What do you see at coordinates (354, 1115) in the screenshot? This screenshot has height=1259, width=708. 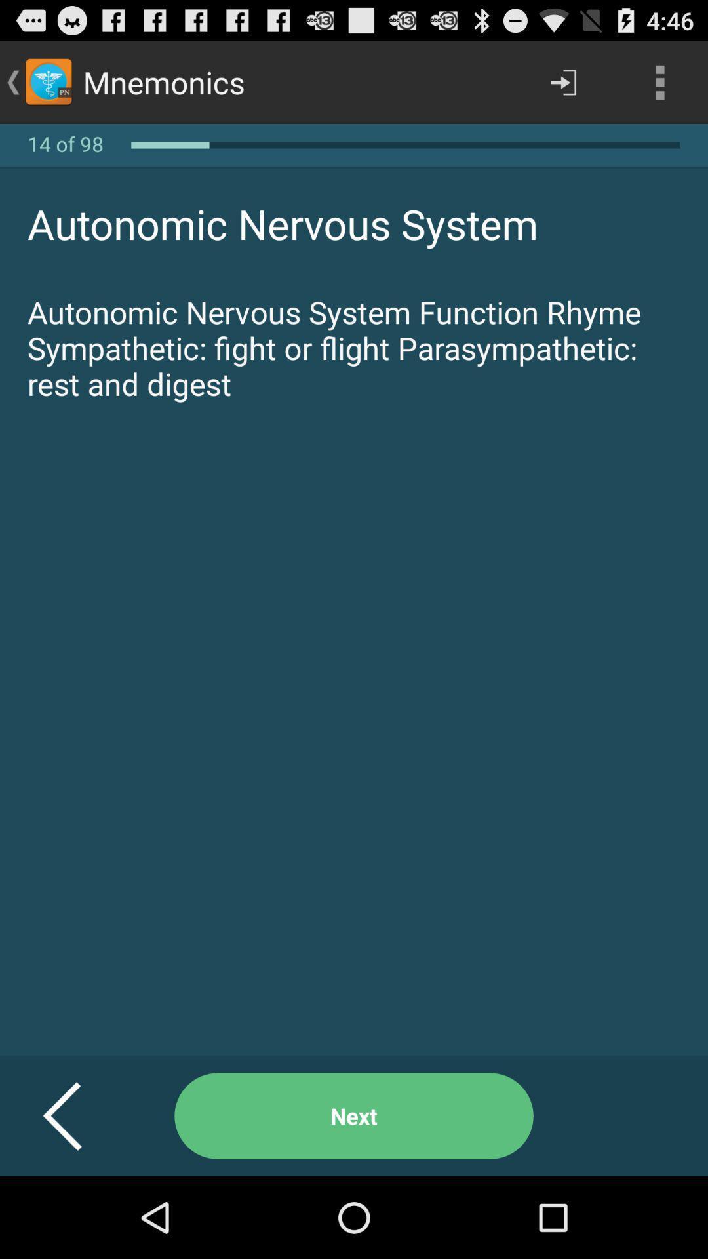 I see `item below the autonomic nervous system` at bounding box center [354, 1115].